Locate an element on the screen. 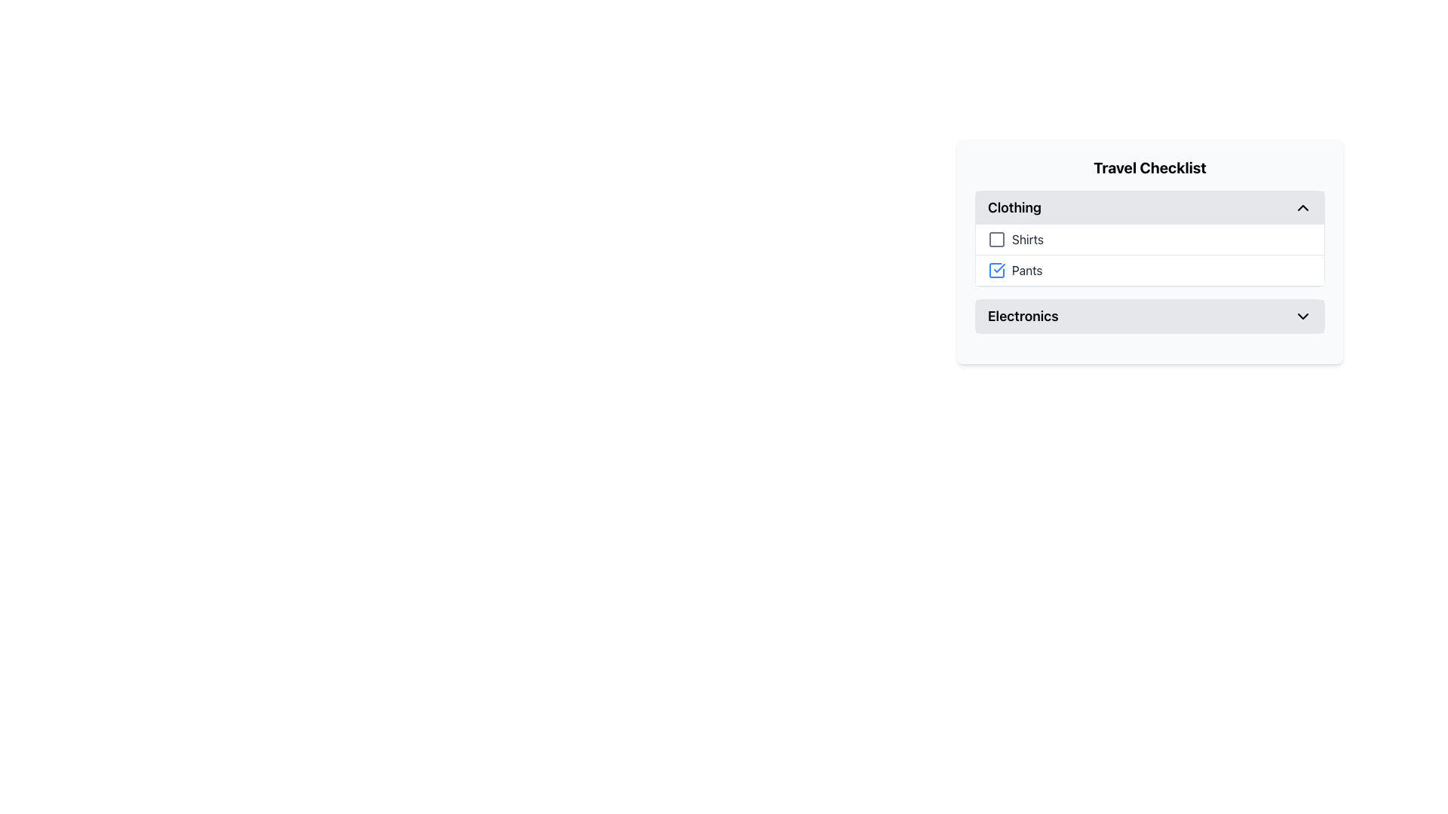 The height and width of the screenshot is (814, 1448). the text label 'Electronics' which is prominently styled in a large bold font within a horizontal light-gray bar is located at coordinates (1023, 316).